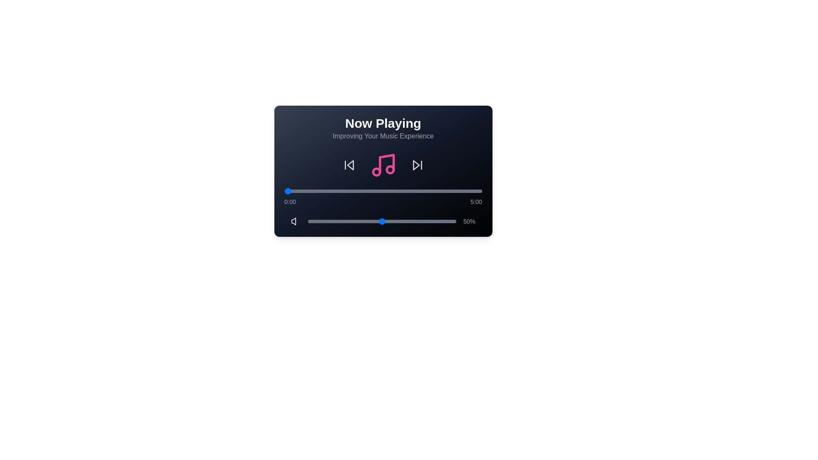 The height and width of the screenshot is (460, 818). Describe the element at coordinates (377, 221) in the screenshot. I see `the volume slider to 47%` at that location.